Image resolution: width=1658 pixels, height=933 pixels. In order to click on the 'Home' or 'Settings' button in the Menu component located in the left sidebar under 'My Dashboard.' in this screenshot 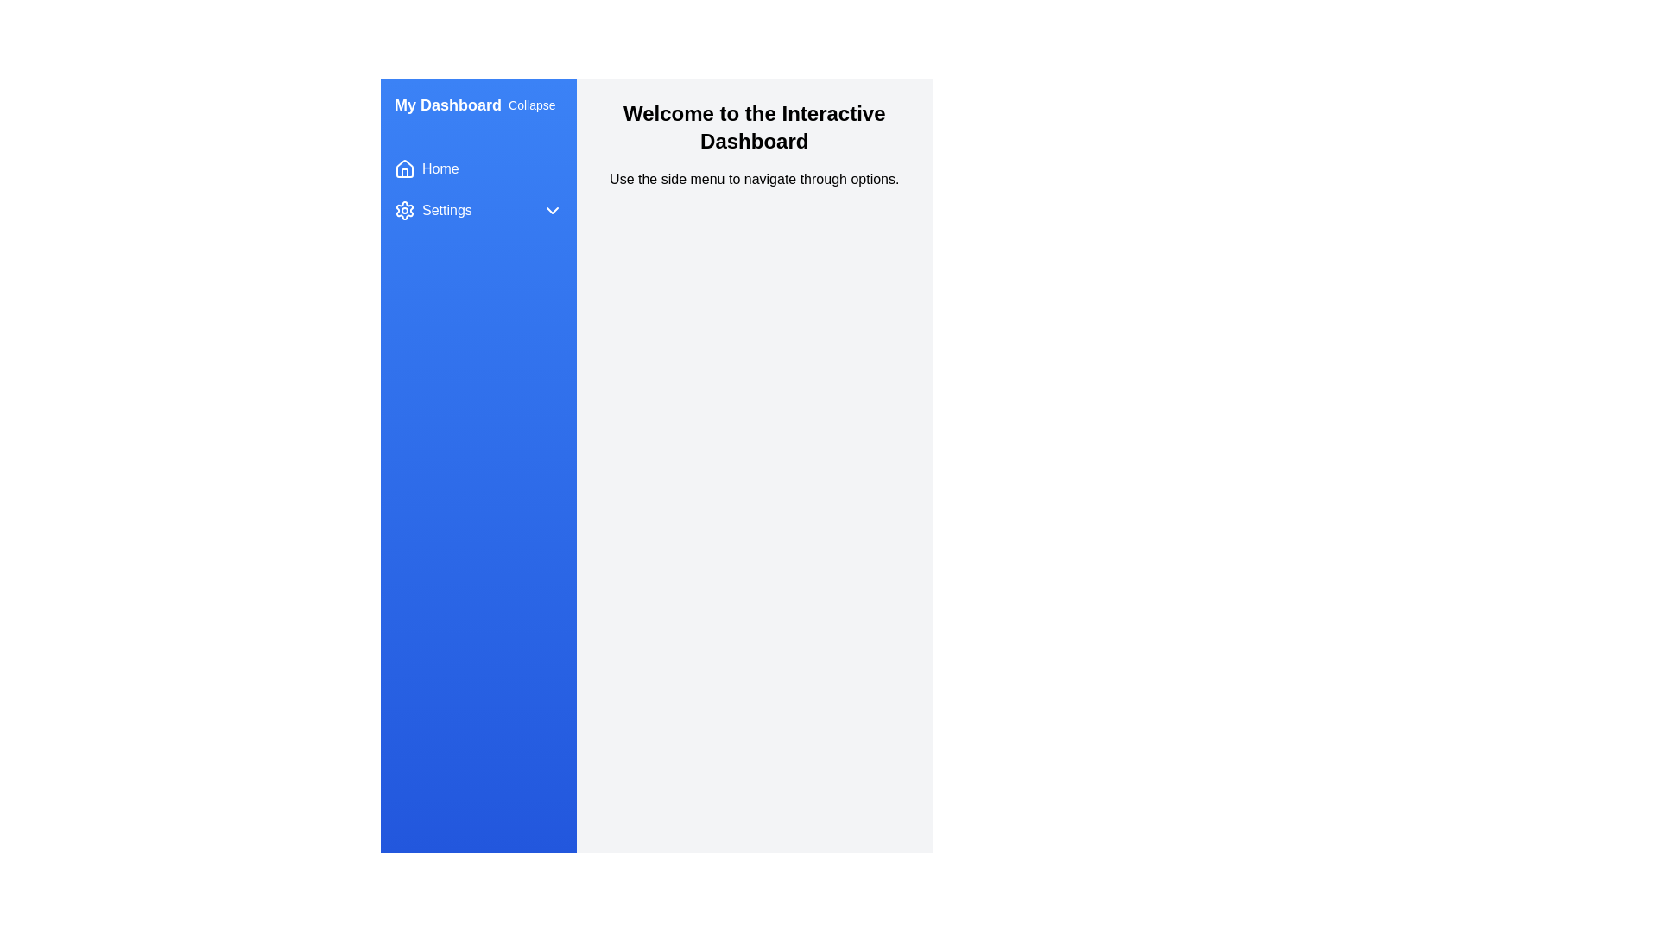, I will do `click(478, 189)`.